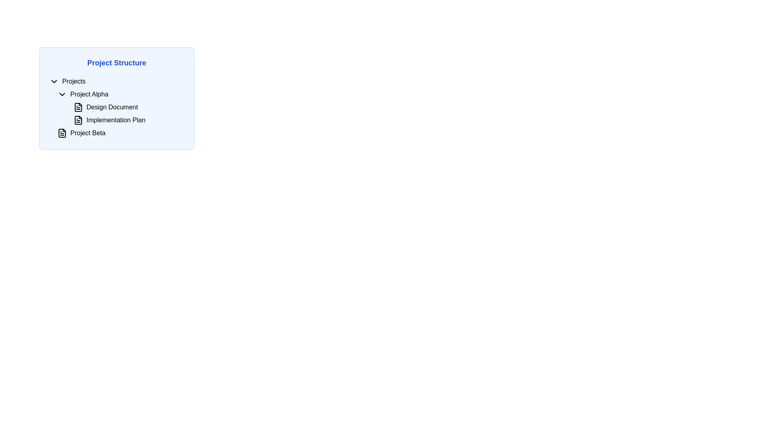 This screenshot has height=436, width=776. Describe the element at coordinates (116, 62) in the screenshot. I see `the Text Label (Header) which serves as a title for the section, located at the top inside a blue background box with rounded corners` at that location.